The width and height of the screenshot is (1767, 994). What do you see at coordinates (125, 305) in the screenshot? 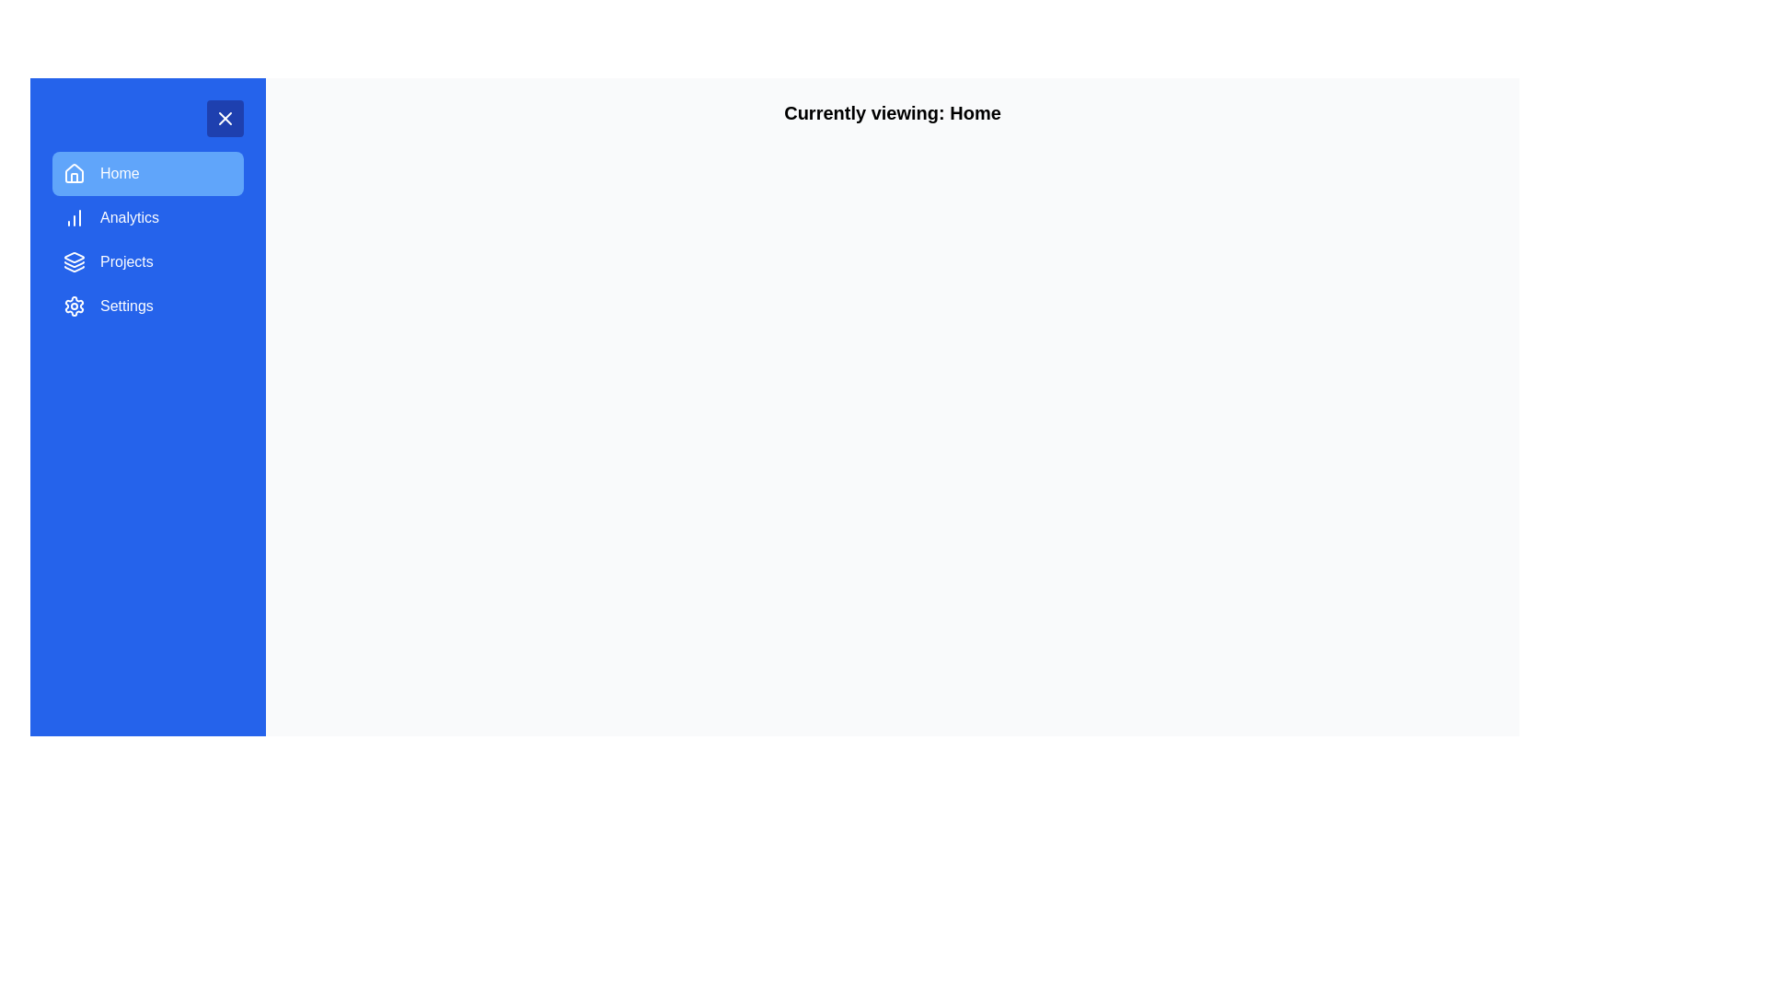
I see `the clickable text label in the fourth row of the vertical navigation menu` at bounding box center [125, 305].